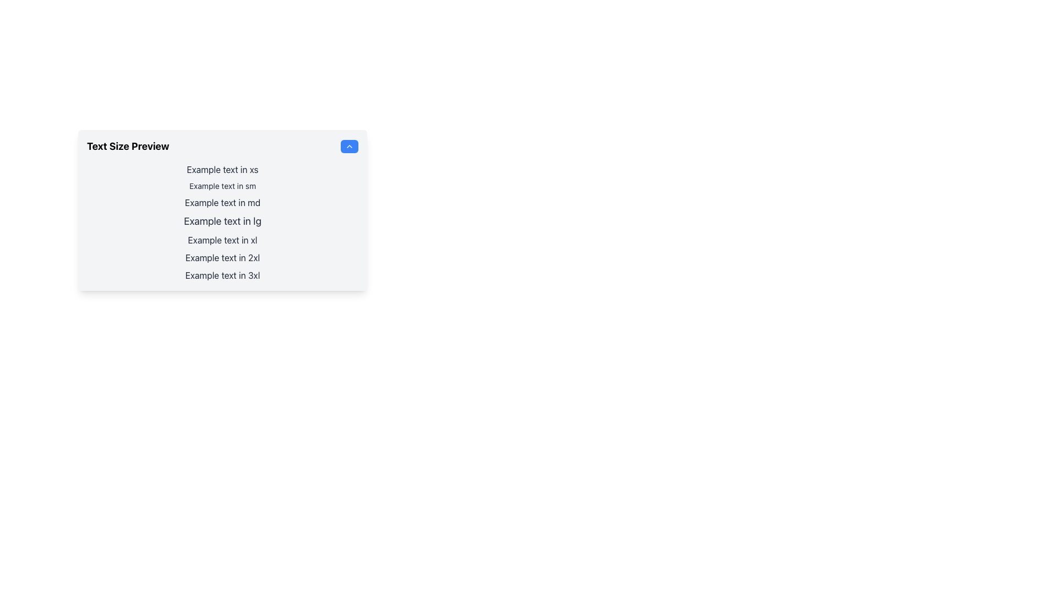  What do you see at coordinates (222, 257) in the screenshot?
I see `the text element styled with font size '2xl' located in the 'Text Size Preview' section, positioned between 'Example text in xl' and 'Example text in 3xl'` at bounding box center [222, 257].